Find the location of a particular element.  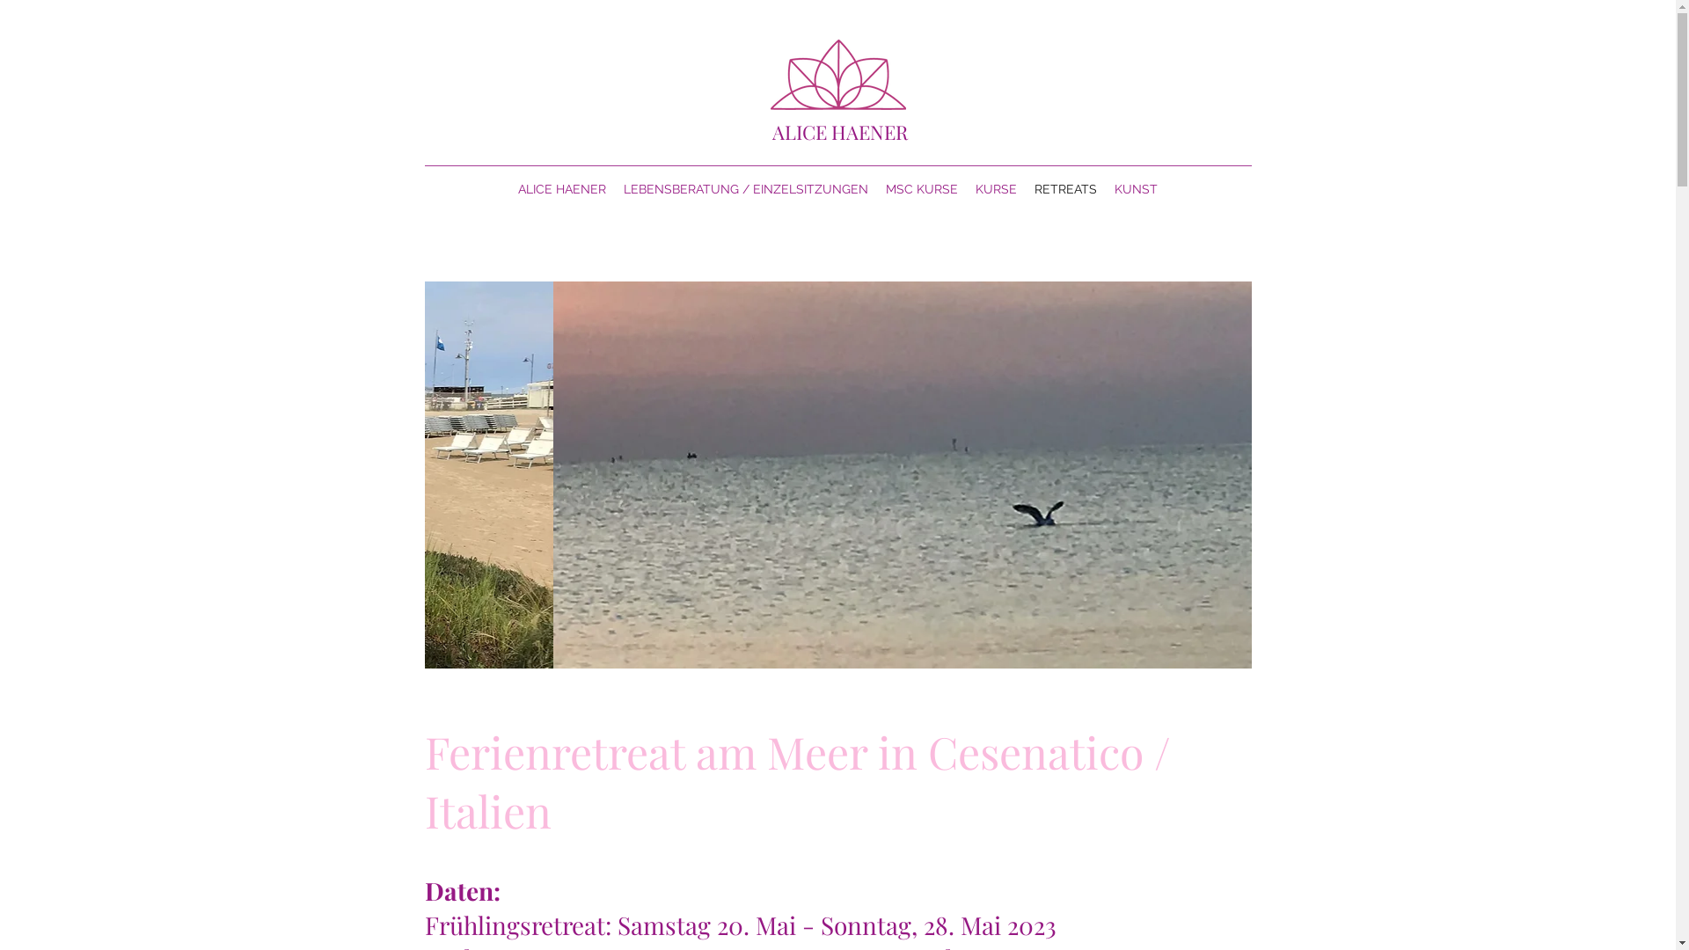

'RETREATS' is located at coordinates (1064, 189).